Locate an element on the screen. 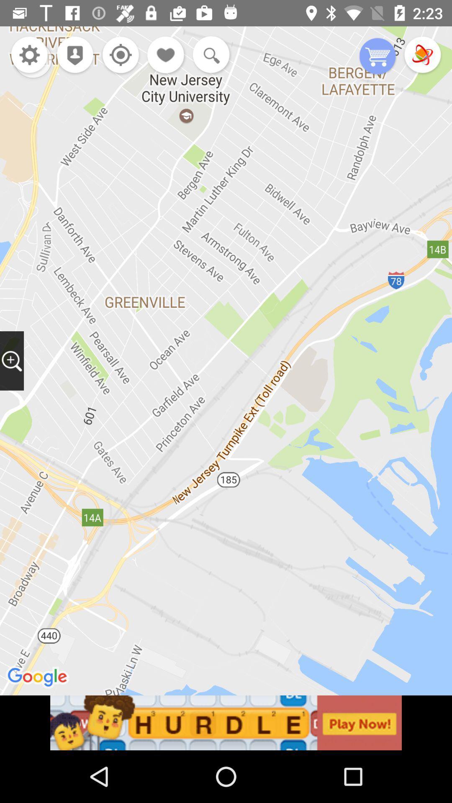  shopping cart is located at coordinates (378, 56).